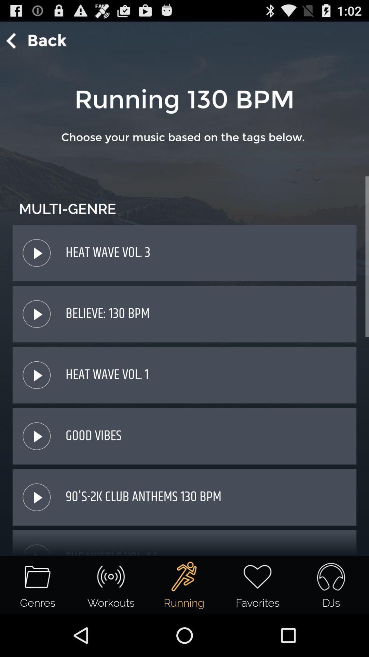 The width and height of the screenshot is (369, 657). Describe the element at coordinates (37, 253) in the screenshot. I see `the play icon below multigenre` at that location.